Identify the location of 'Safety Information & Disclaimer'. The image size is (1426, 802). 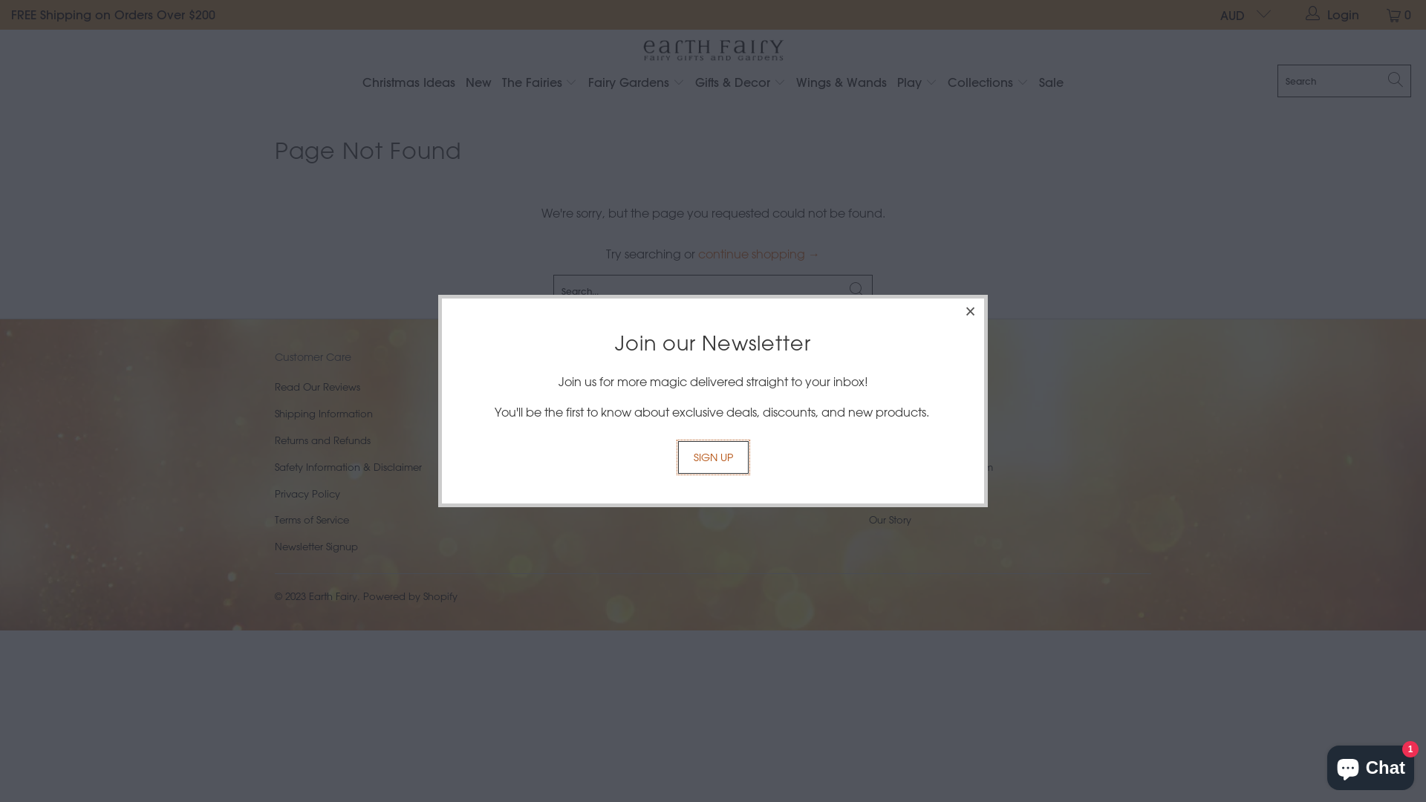
(348, 466).